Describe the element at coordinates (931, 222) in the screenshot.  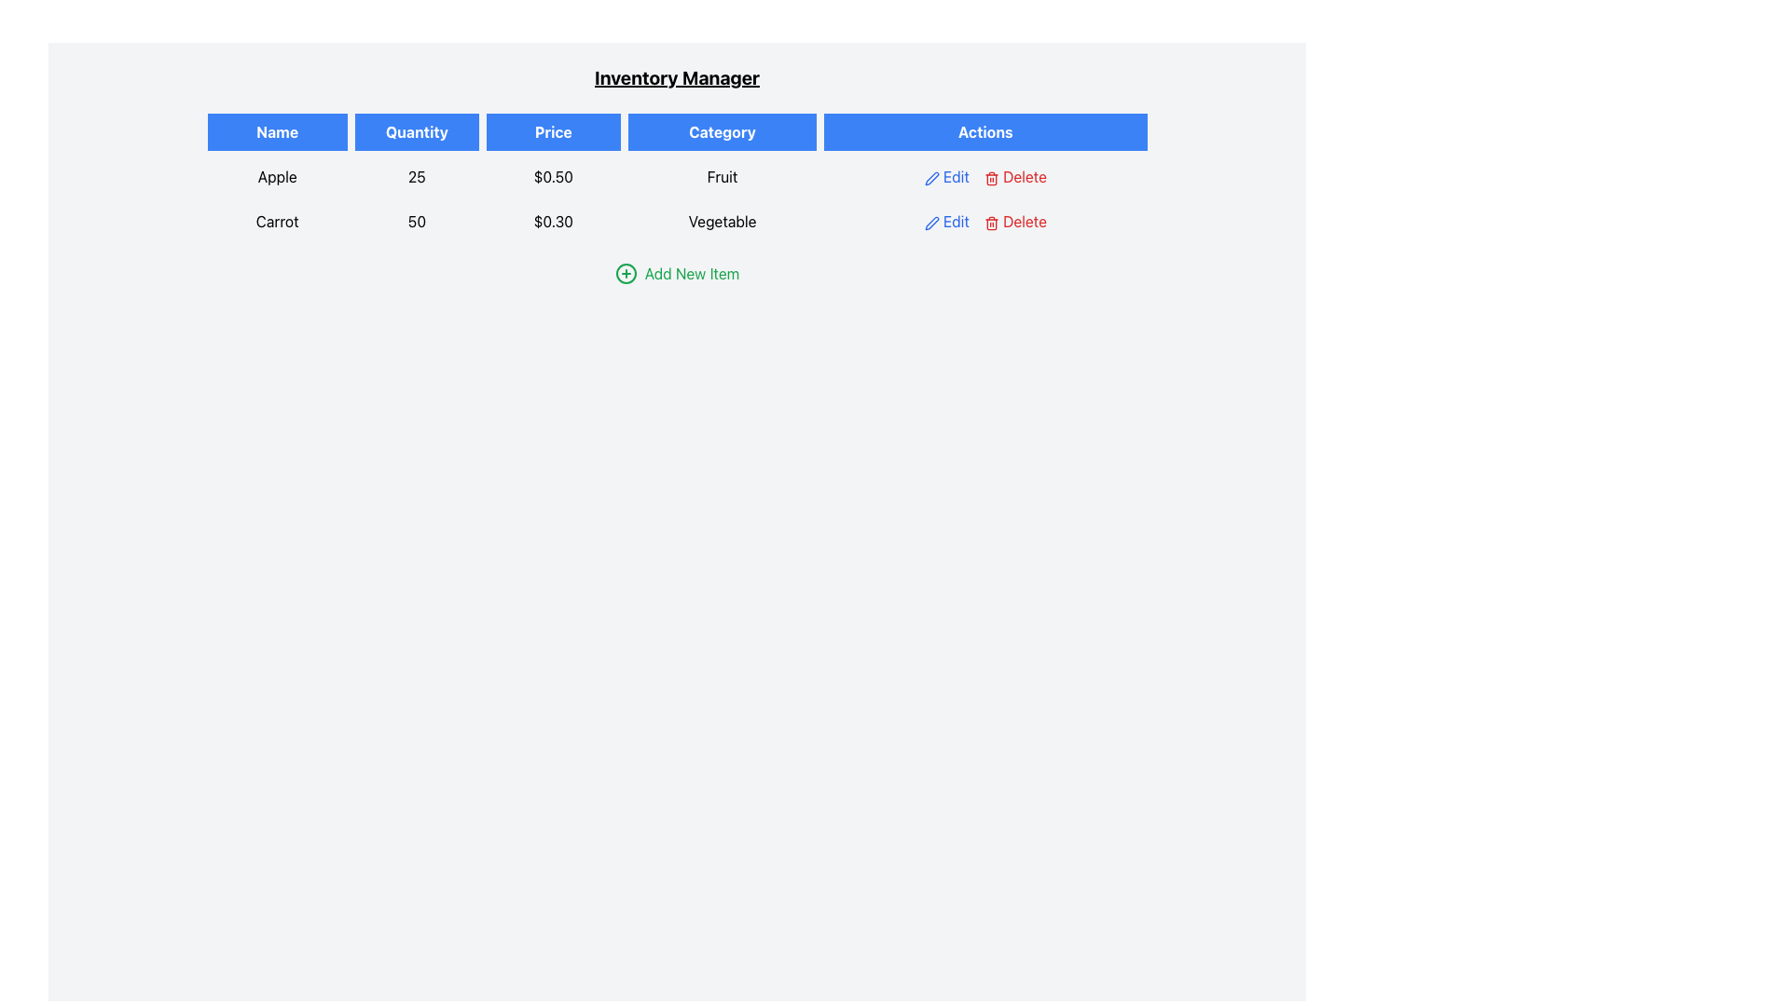
I see `the pencil icon with a blue outline next to the text 'Edit' to initiate the edit function` at that location.